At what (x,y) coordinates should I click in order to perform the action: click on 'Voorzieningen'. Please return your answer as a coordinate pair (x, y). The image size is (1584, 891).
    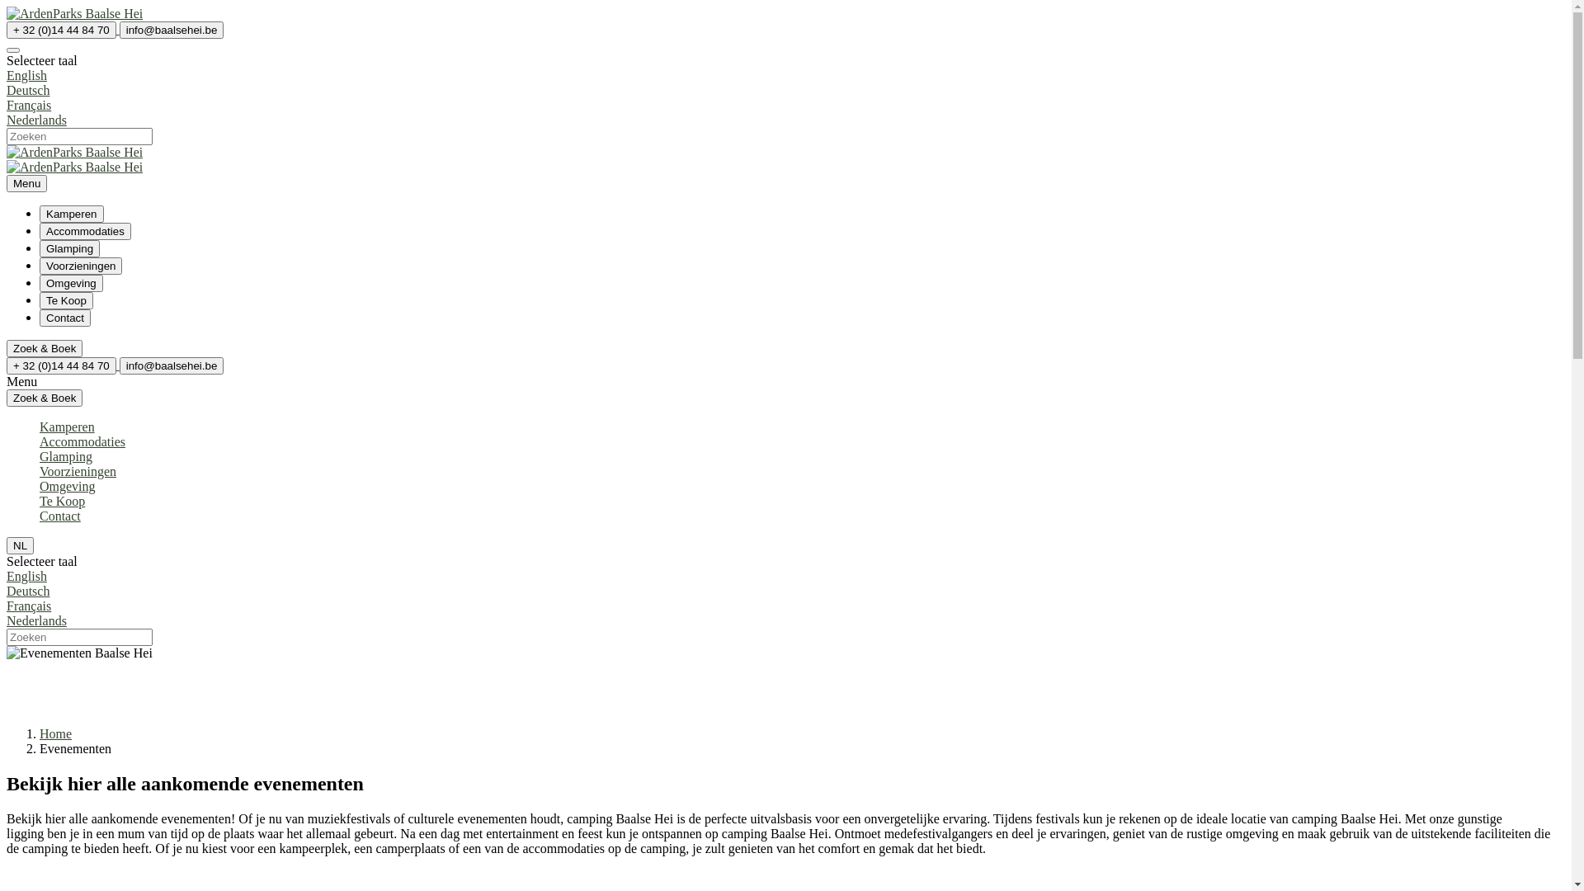
    Looking at the image, I should click on (79, 265).